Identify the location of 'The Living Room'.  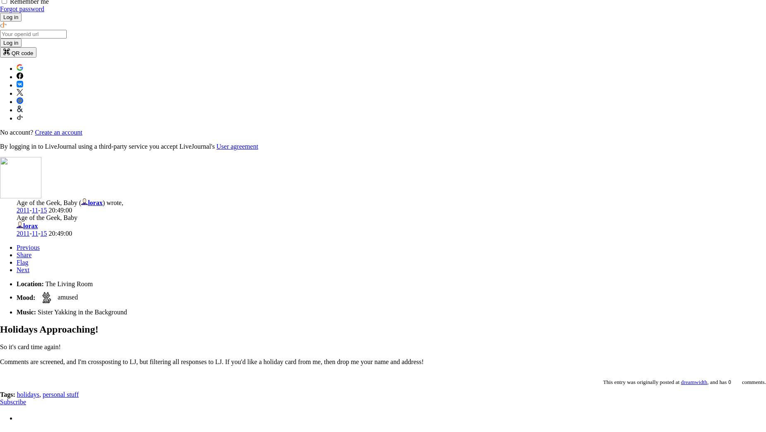
(44, 283).